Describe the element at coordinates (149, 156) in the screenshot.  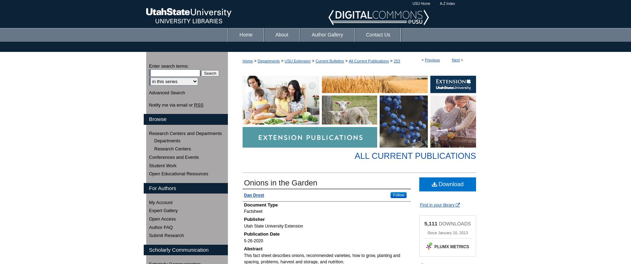
I see `'Conferences and Events'` at that location.